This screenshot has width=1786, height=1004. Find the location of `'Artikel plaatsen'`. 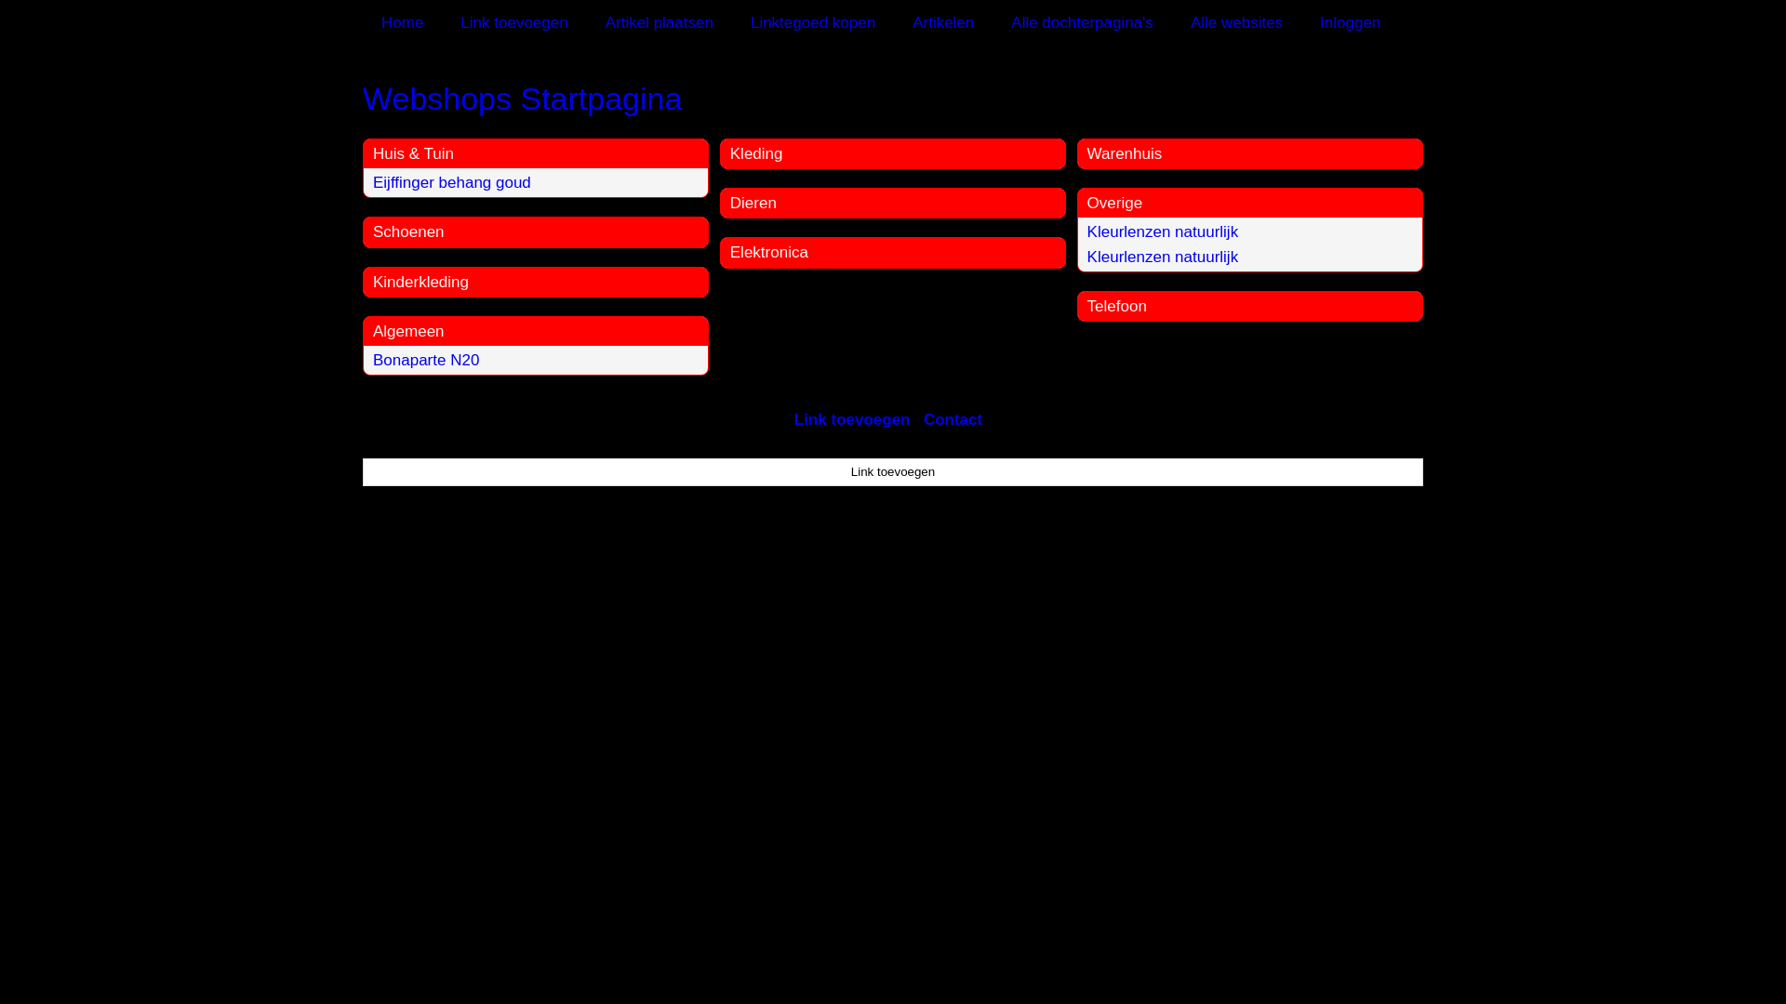

'Artikel plaatsen' is located at coordinates (660, 22).